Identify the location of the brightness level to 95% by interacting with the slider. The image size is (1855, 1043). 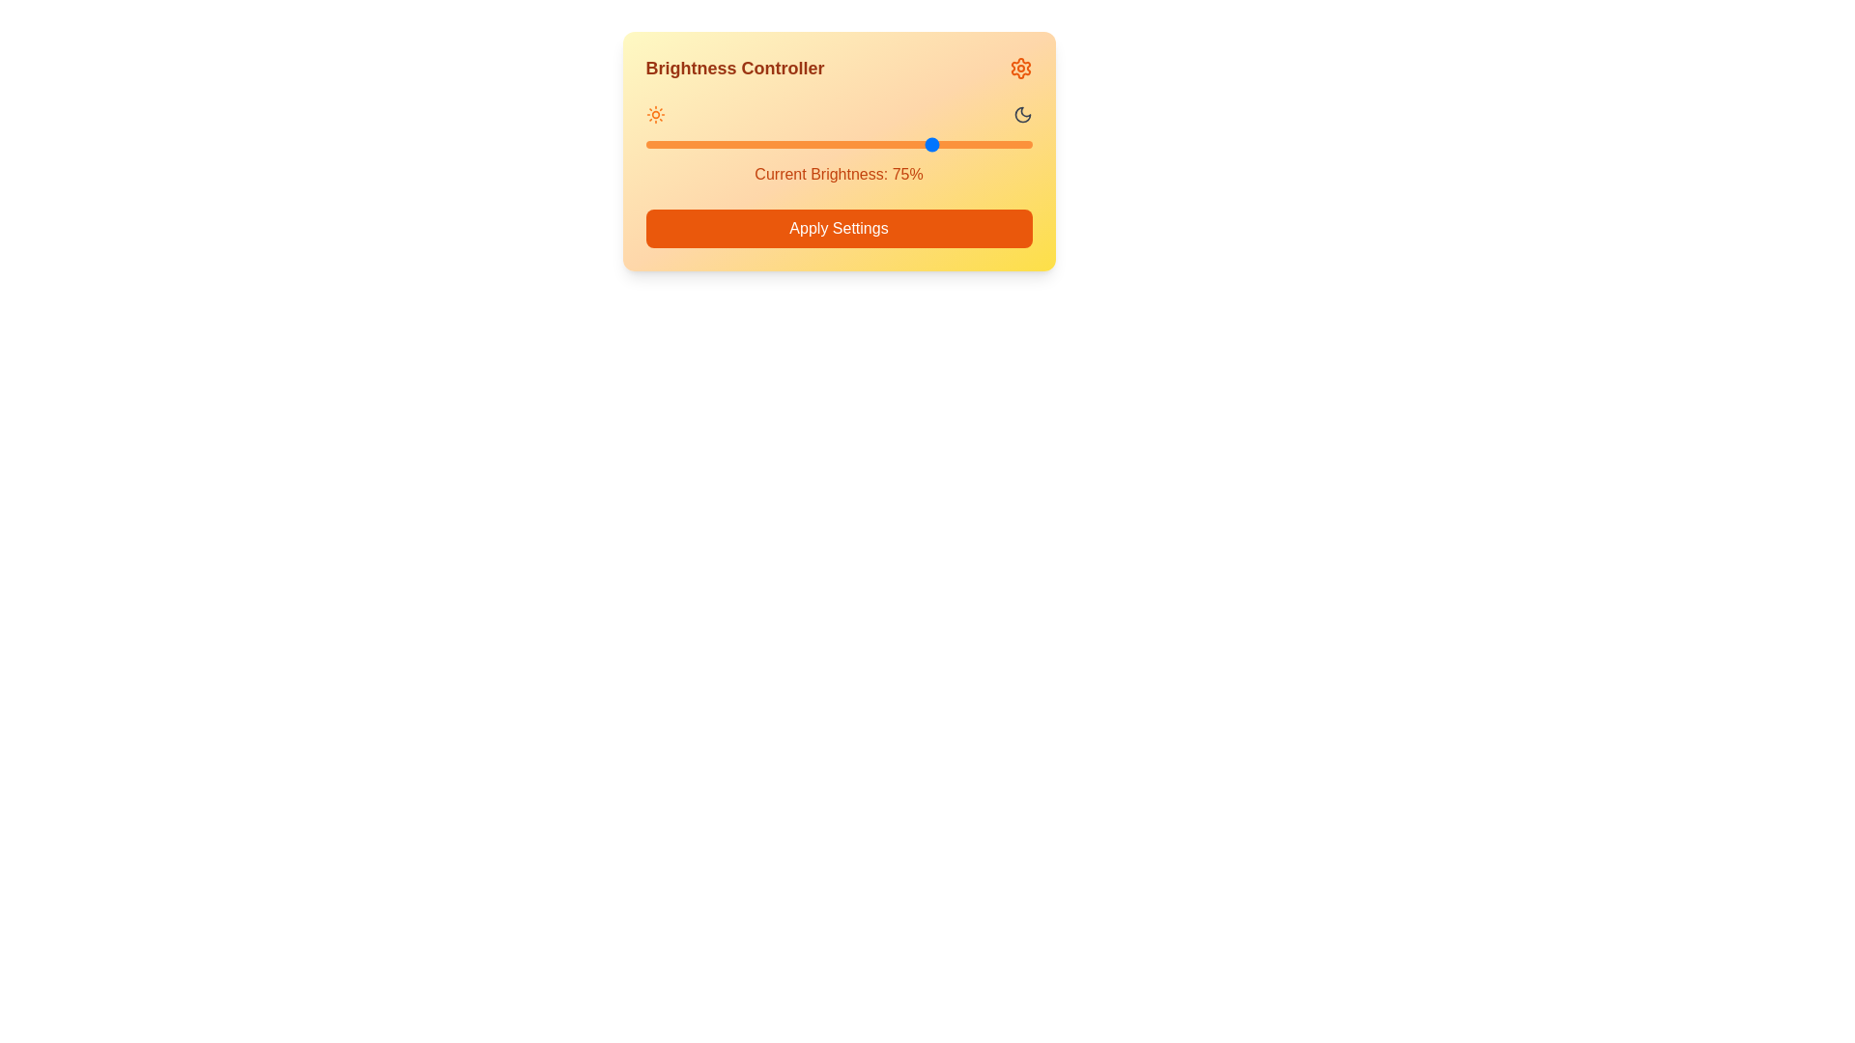
(1012, 144).